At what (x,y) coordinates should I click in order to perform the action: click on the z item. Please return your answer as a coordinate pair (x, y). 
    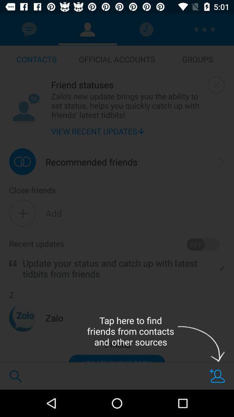
    Looking at the image, I should click on (11, 295).